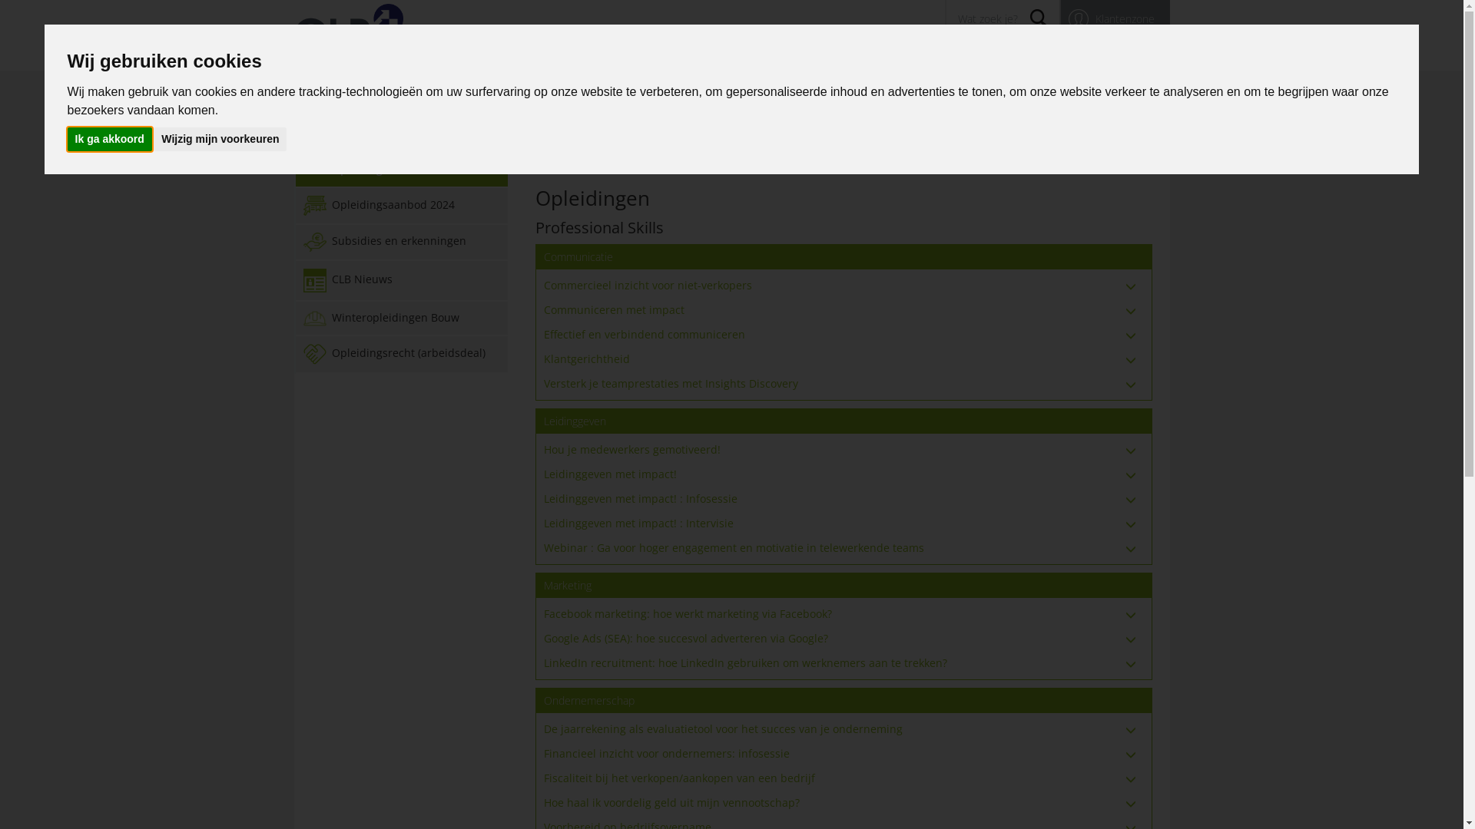  Describe the element at coordinates (401, 204) in the screenshot. I see `'Opleidingsaanbod 2024'` at that location.